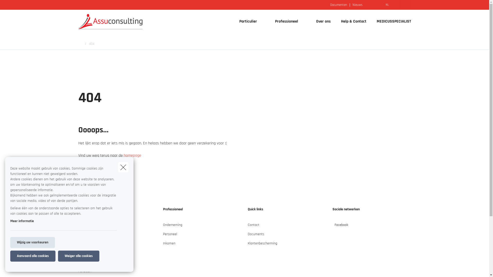  I want to click on 'MEDICUSSPECIALIST', so click(371, 21).